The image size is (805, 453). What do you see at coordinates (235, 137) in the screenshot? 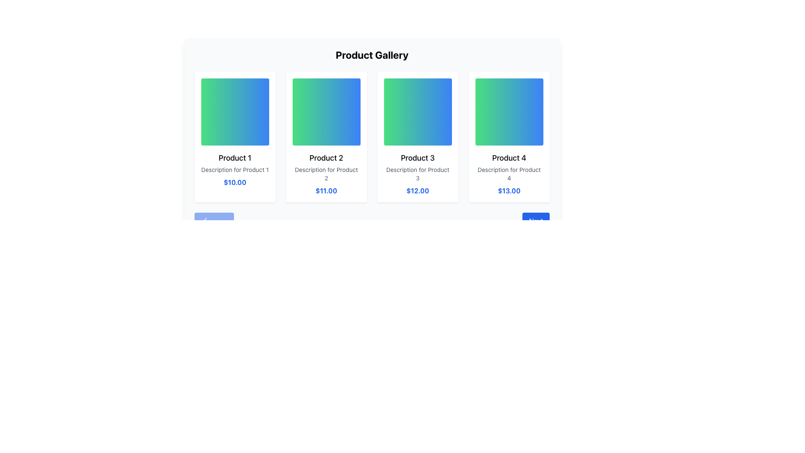
I see `the first product card in the grid product gallery, which displays the product name, description, and price` at bounding box center [235, 137].